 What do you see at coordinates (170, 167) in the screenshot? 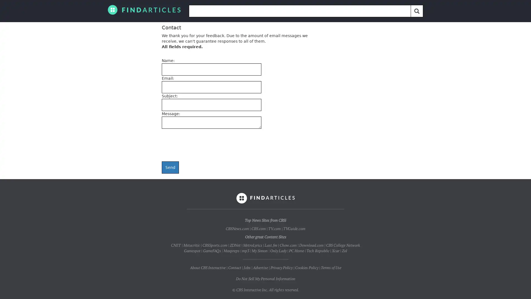
I see `Send` at bounding box center [170, 167].